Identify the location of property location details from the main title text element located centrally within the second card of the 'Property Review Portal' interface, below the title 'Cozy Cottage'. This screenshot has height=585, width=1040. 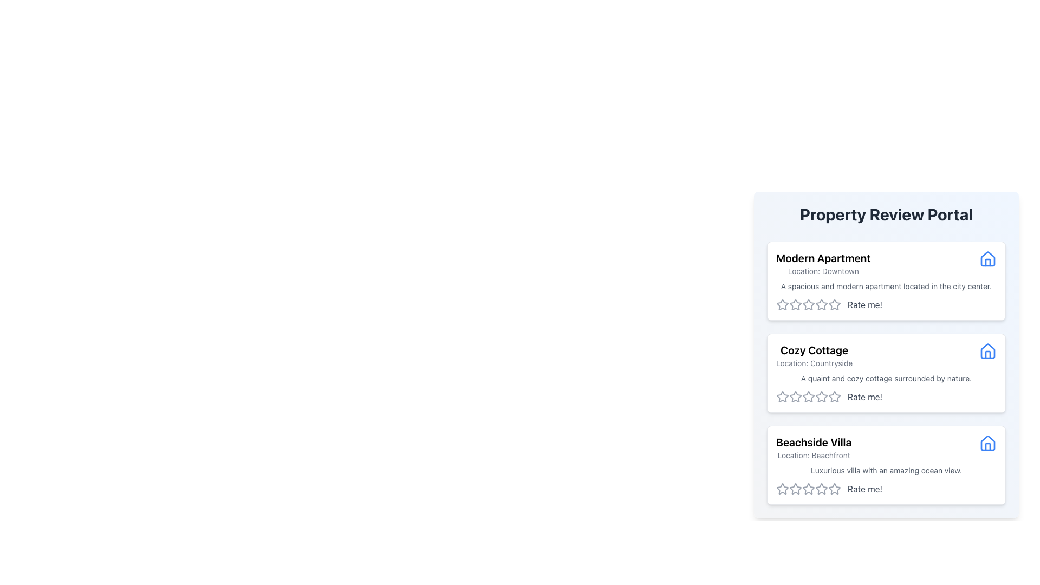
(814, 355).